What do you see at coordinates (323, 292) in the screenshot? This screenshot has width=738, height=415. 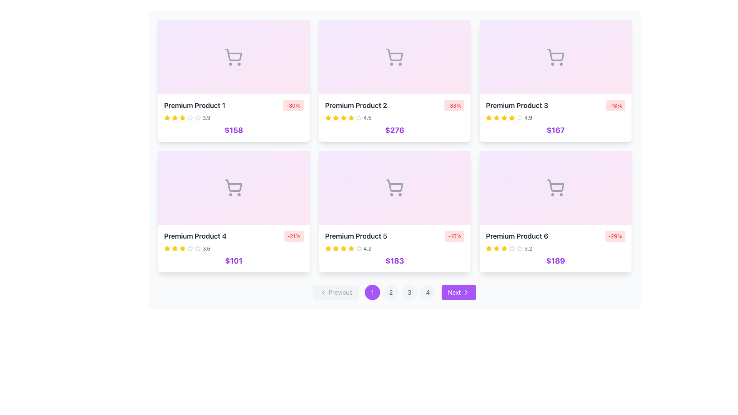 I see `the 'Previous' icon located in the navigation section at the bottom` at bounding box center [323, 292].